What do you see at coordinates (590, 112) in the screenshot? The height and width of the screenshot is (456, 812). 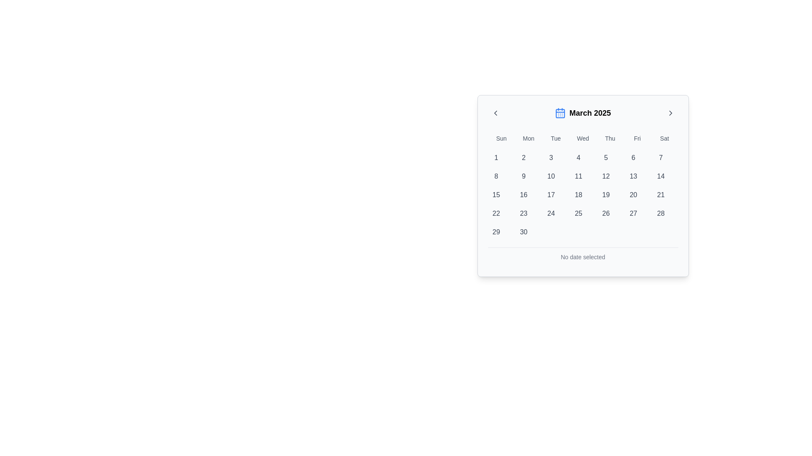 I see `the text label indicating the current month and year in the calendar component to potentially open a month selector` at bounding box center [590, 112].